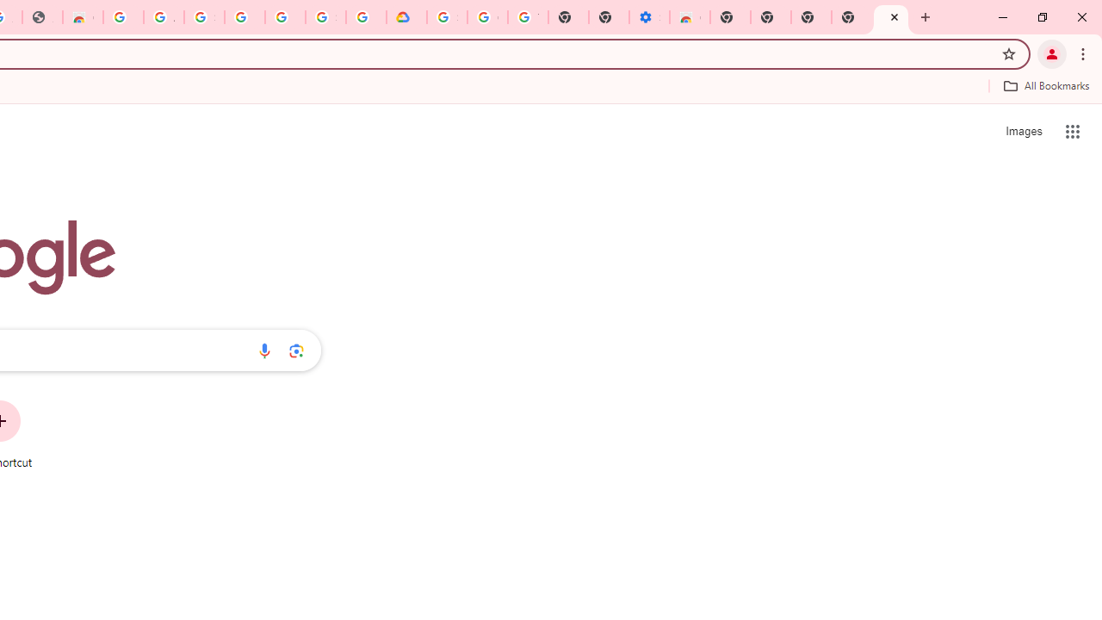  Describe the element at coordinates (891, 17) in the screenshot. I see `'New Tab'` at that location.